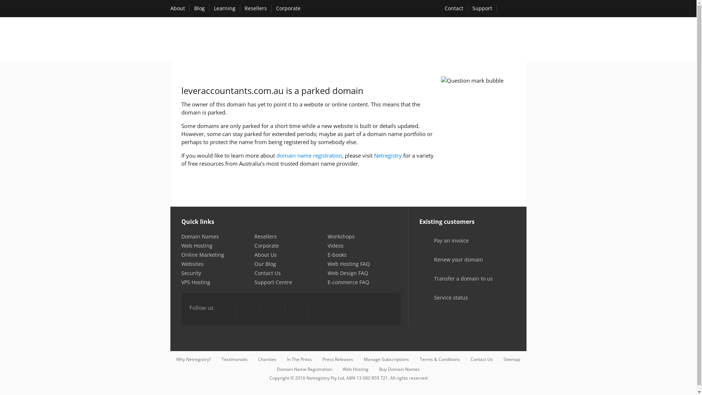 Image resolution: width=702 pixels, height=395 pixels. What do you see at coordinates (337, 359) in the screenshot?
I see `'Press Releases'` at bounding box center [337, 359].